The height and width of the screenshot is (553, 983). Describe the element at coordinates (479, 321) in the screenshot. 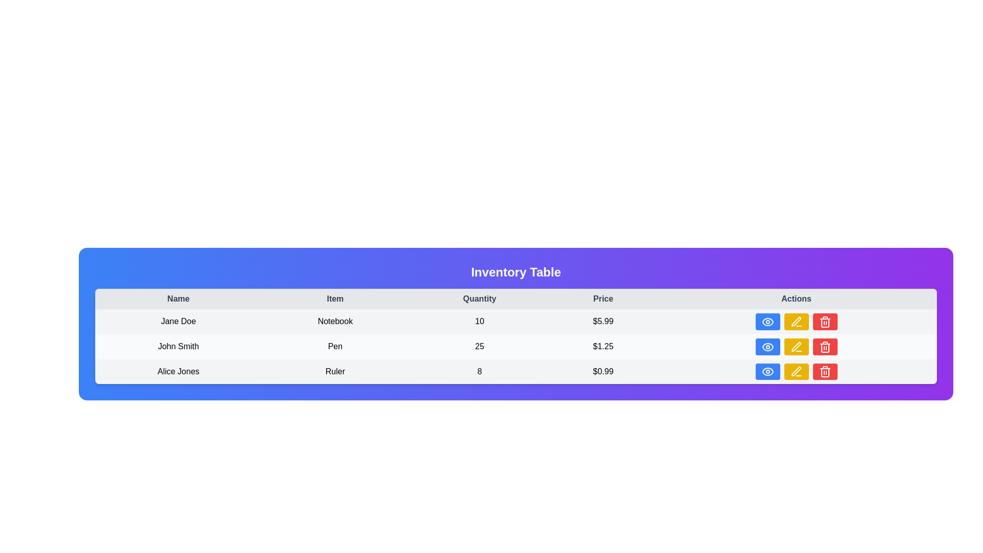

I see `on the text display showing the quantity of 'Notebook' in the inventory table, which is centrally aligned in the corresponding cell` at that location.